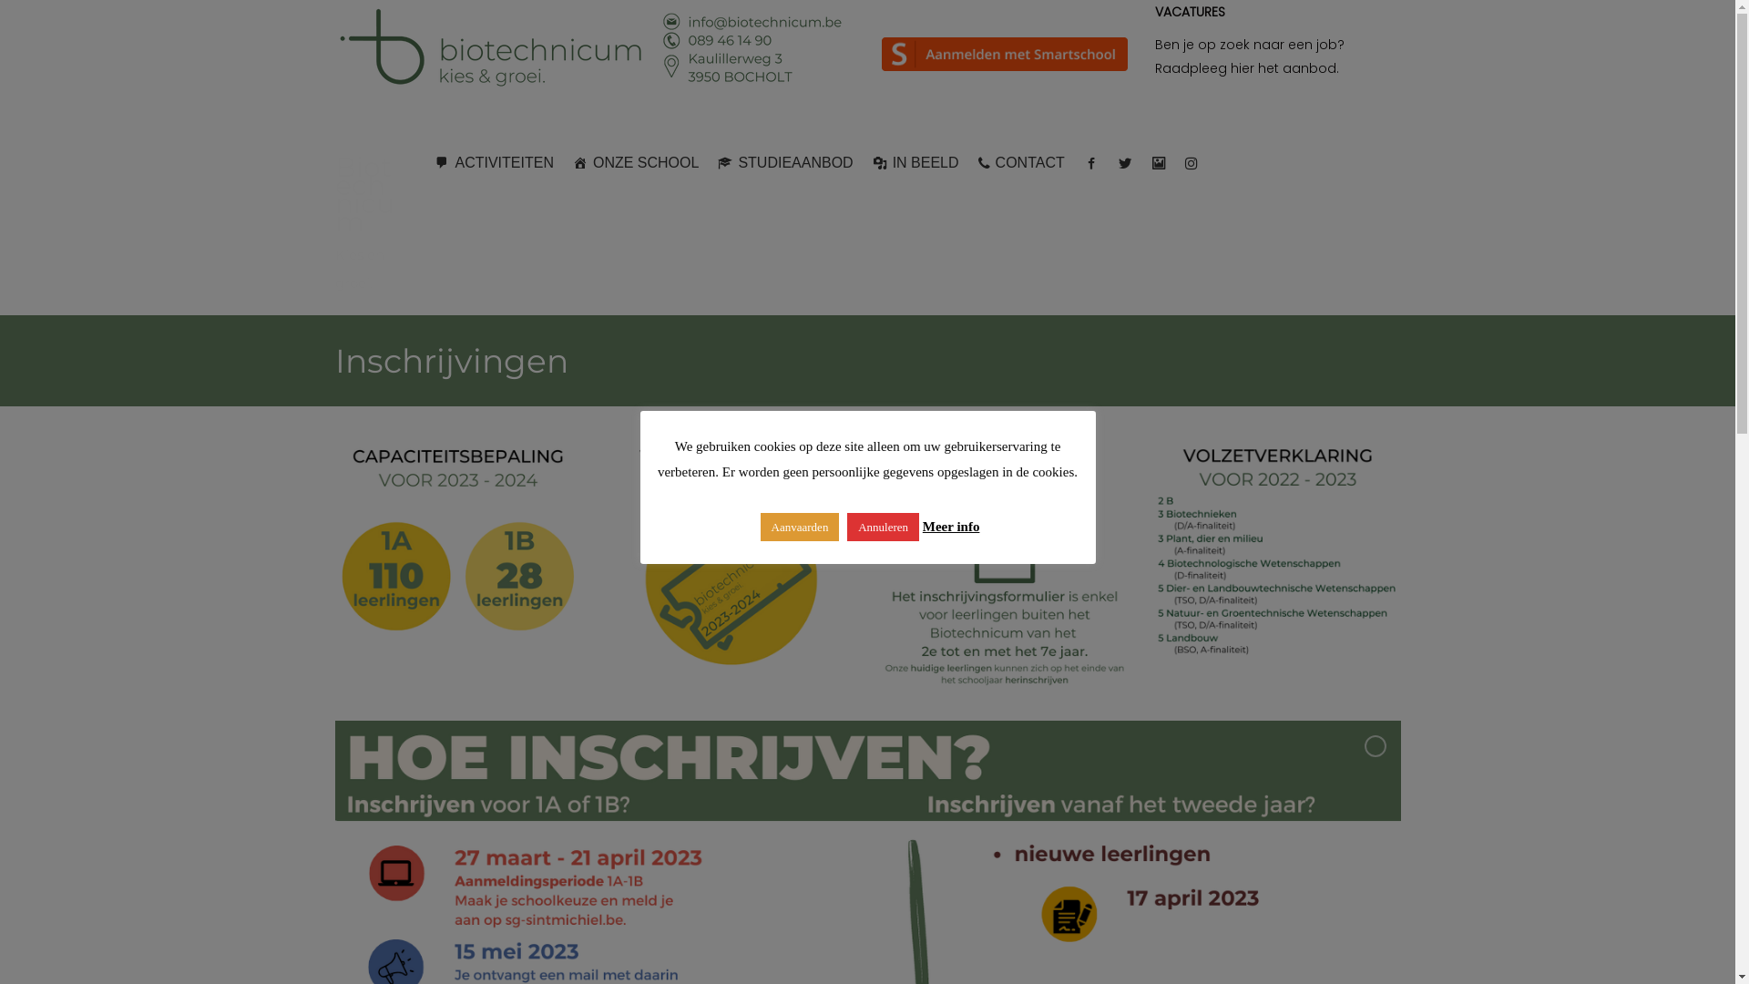  Describe the element at coordinates (883, 527) in the screenshot. I see `'Annuleren'` at that location.